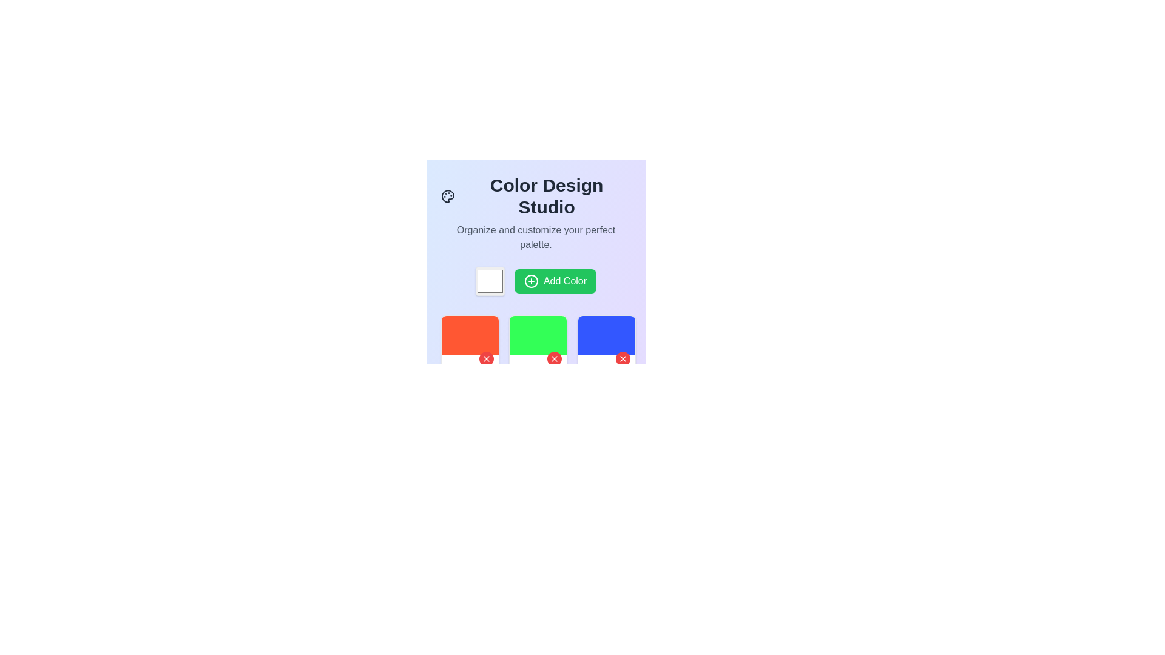 This screenshot has height=655, width=1165. I want to click on the color swatch visual indicator located in the top portion of the third square block in a horizontal row at the bottom of the interface, so click(606, 335).